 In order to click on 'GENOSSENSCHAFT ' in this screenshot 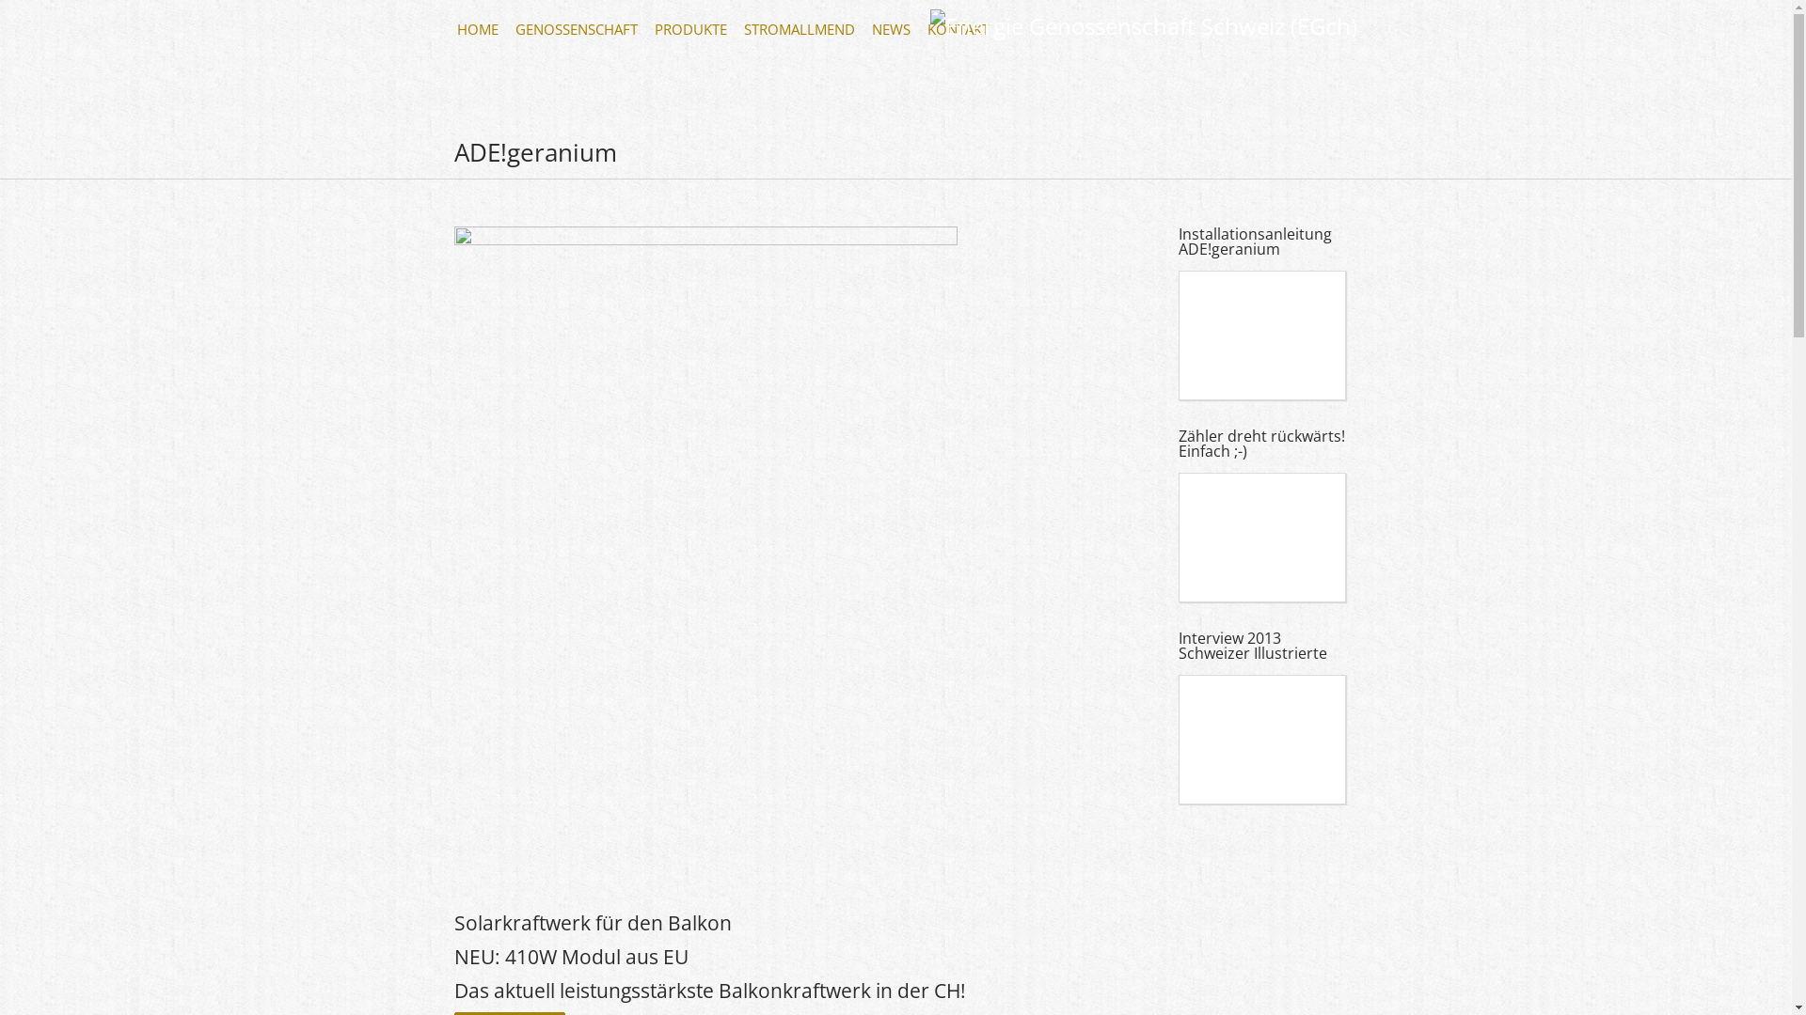, I will do `click(576, 23)`.